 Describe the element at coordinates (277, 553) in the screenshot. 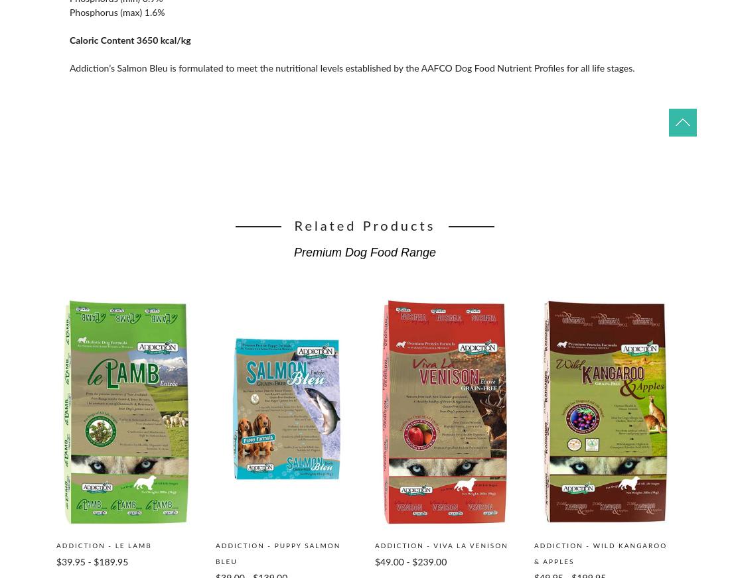

I see `'Addiction - Puppy Salmon Bleu'` at that location.